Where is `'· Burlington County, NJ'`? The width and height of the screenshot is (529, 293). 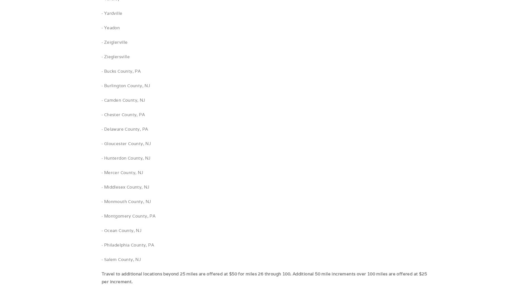
'· Burlington County, NJ' is located at coordinates (126, 86).